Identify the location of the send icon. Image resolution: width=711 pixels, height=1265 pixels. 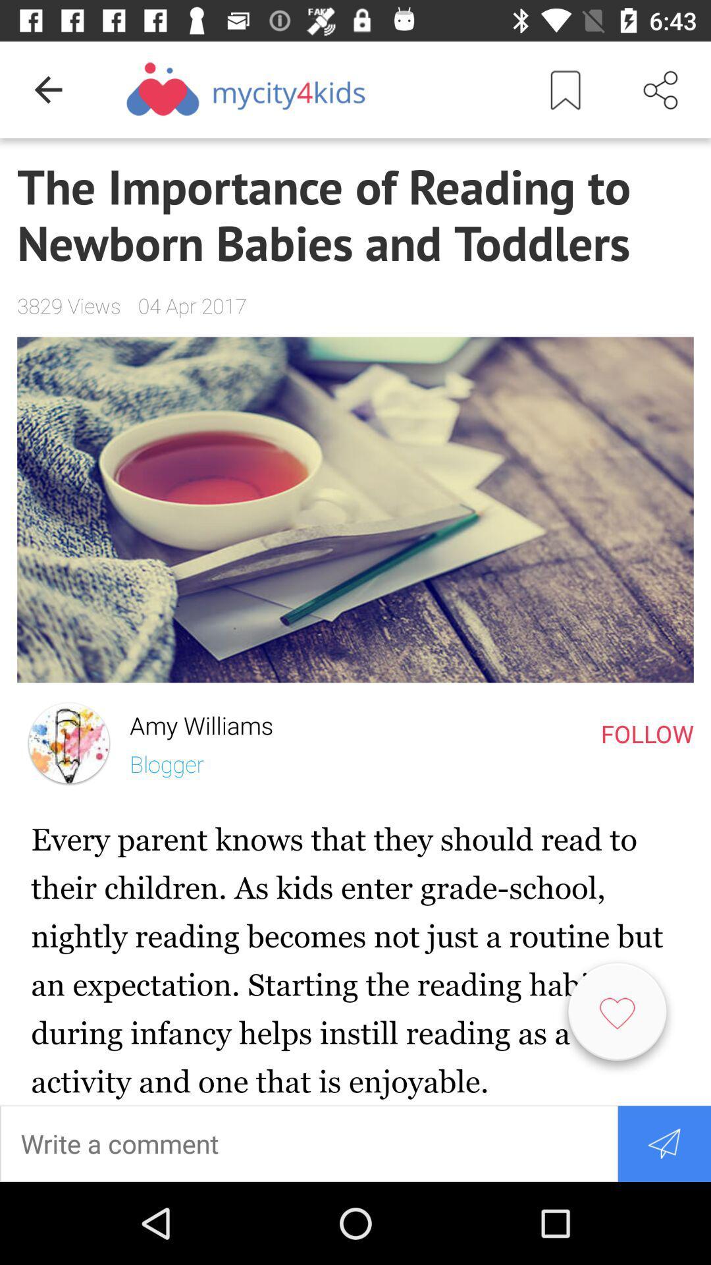
(664, 1142).